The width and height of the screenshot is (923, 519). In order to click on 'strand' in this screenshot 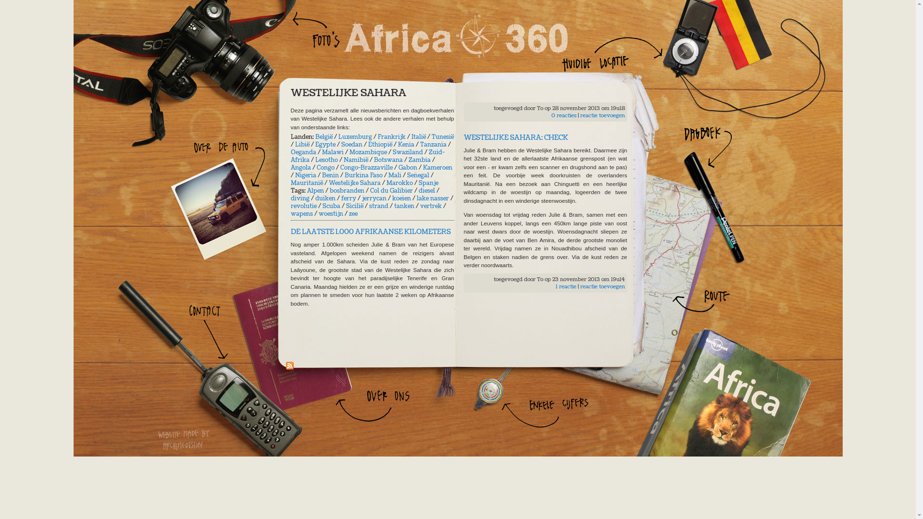, I will do `click(378, 205)`.